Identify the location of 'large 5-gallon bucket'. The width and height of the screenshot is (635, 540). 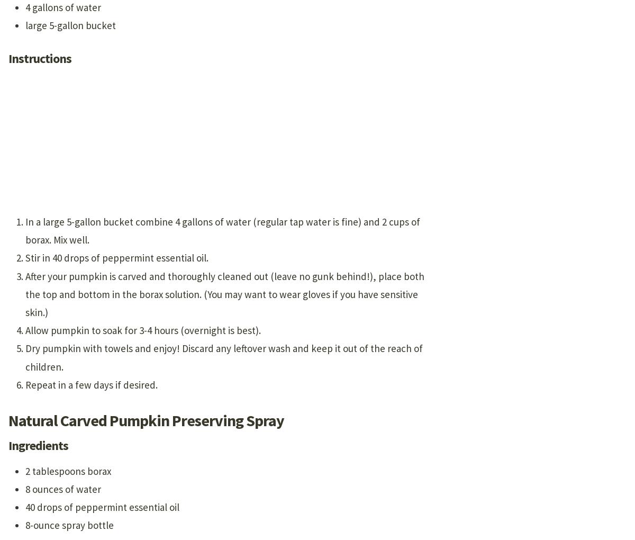
(25, 25).